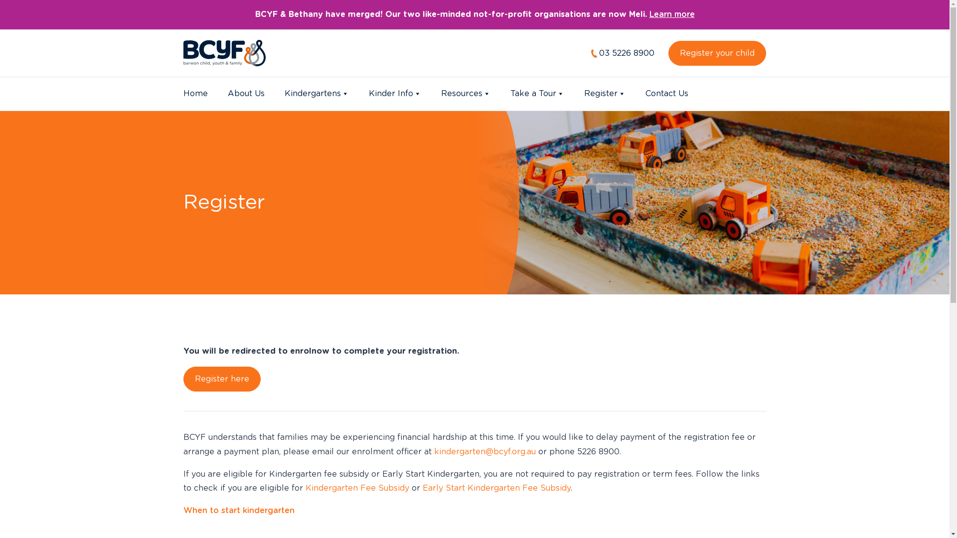 The image size is (957, 538). Describe the element at coordinates (238, 511) in the screenshot. I see `'When to start kindergarten'` at that location.